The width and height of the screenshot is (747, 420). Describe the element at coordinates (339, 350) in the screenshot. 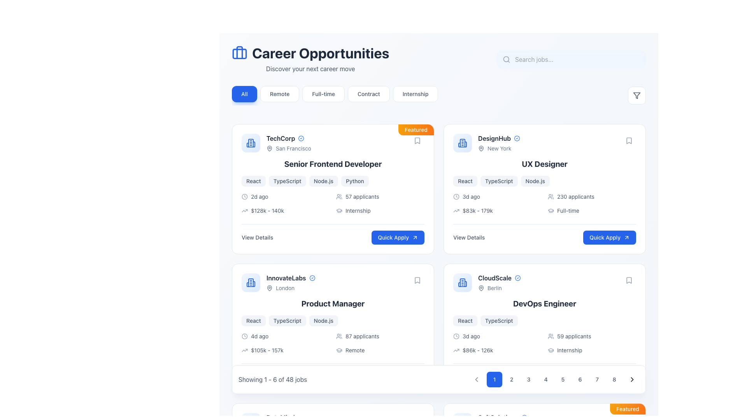

I see `the graduation cap icon located at the bottom left of the 'Product Manager' job posting card under 'InnovateLabs', near the text 'Remote'` at that location.